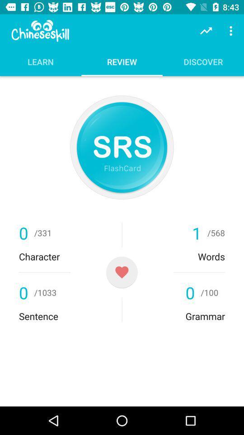 Image resolution: width=244 pixels, height=435 pixels. Describe the element at coordinates (206, 31) in the screenshot. I see `the item above the discover icon` at that location.